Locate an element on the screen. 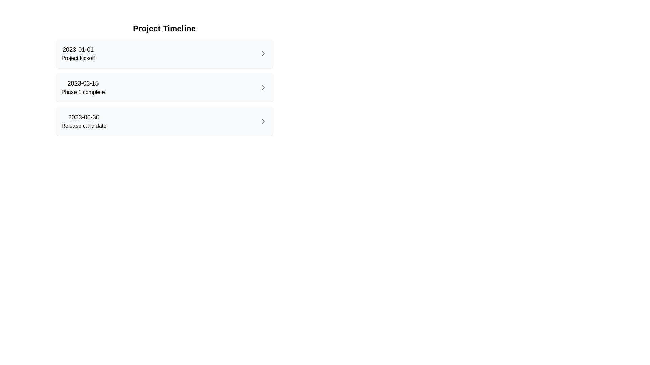  text label displaying 'Release candidate' located under the date label '2023-06-30' in the project timeline is located at coordinates (83, 126).